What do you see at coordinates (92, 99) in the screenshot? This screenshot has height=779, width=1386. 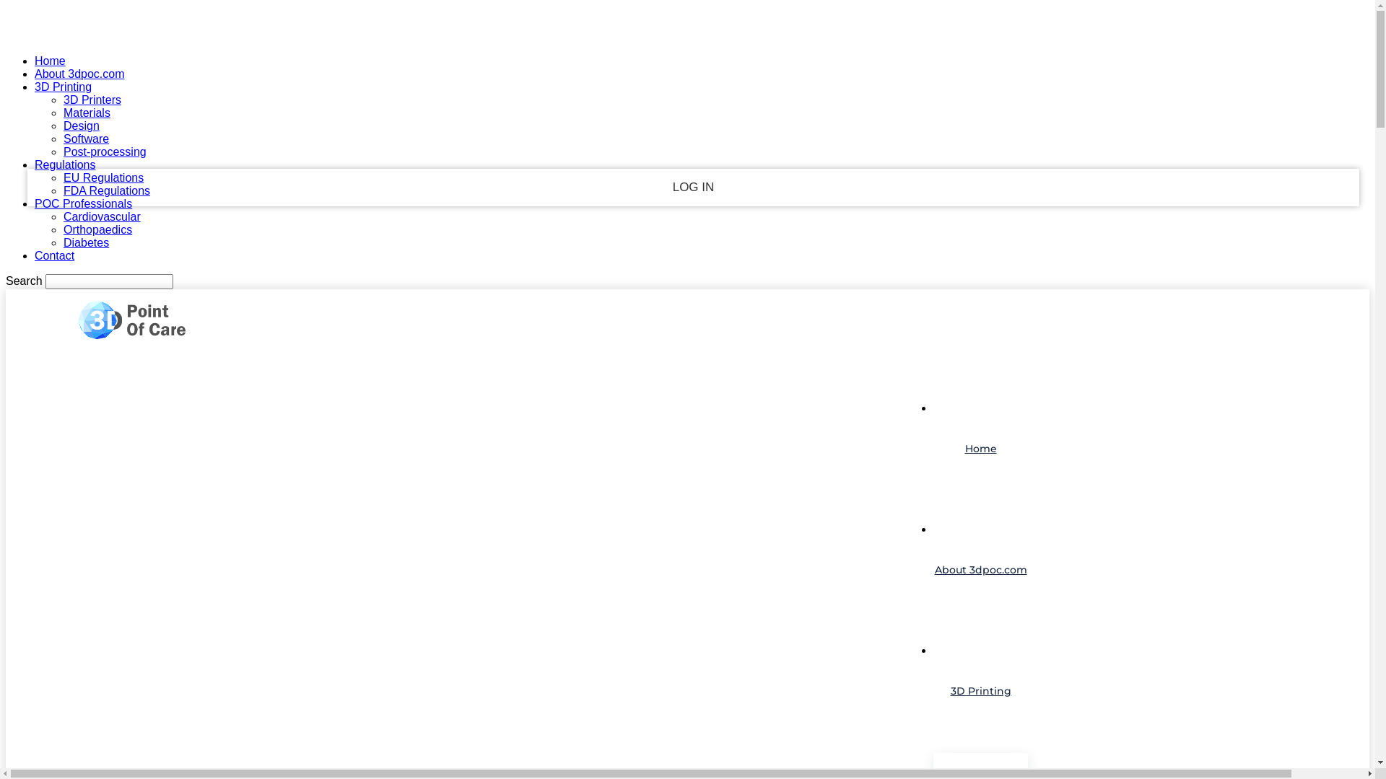 I see `'3D Printers'` at bounding box center [92, 99].